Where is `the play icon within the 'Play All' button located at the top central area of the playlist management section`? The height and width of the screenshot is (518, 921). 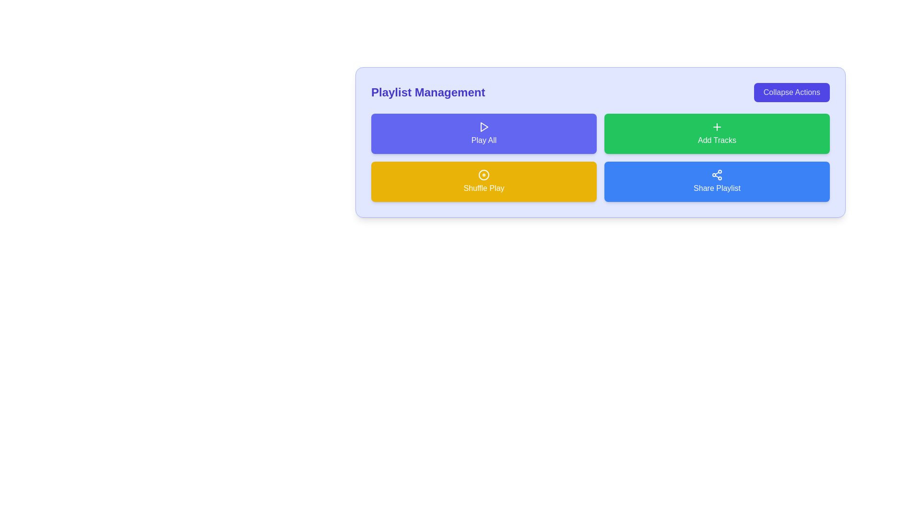 the play icon within the 'Play All' button located at the top central area of the playlist management section is located at coordinates (484, 127).